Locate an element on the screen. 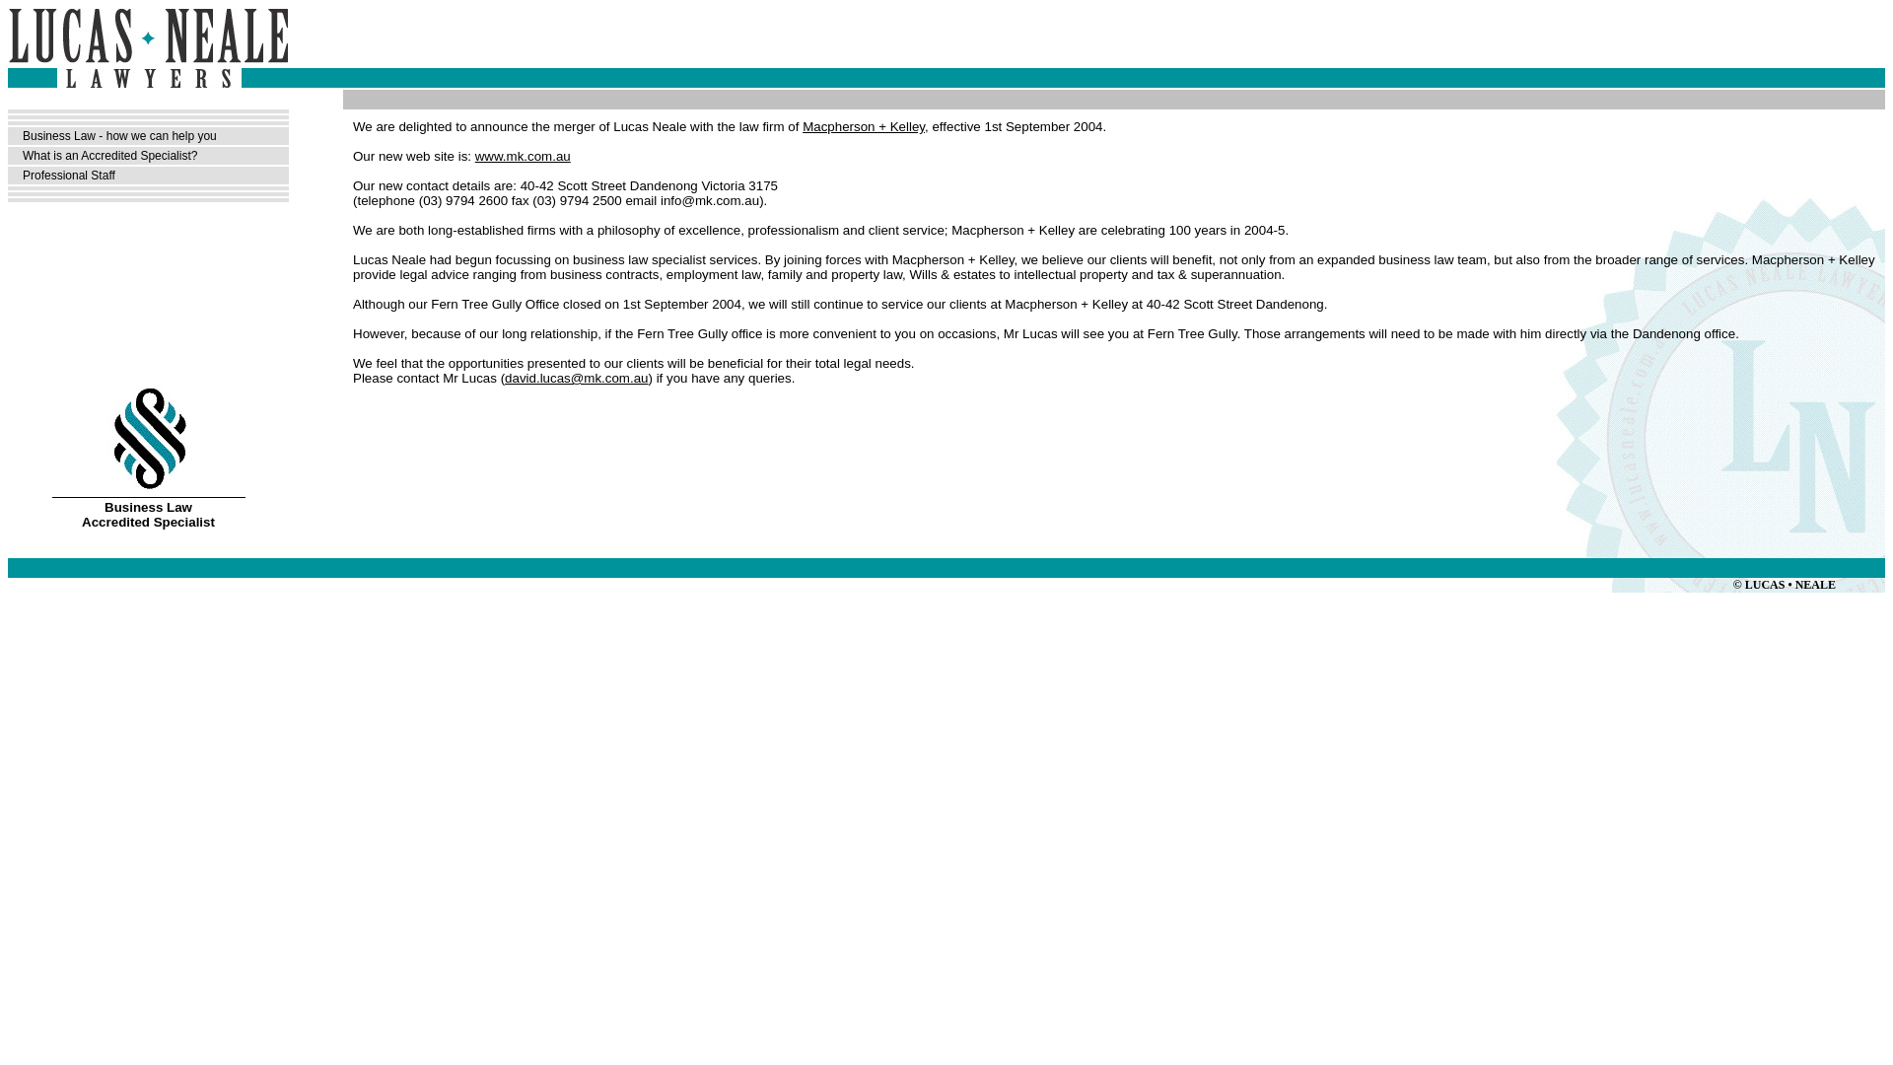 The image size is (1893, 1065). 'Professional Staff' is located at coordinates (69, 174).